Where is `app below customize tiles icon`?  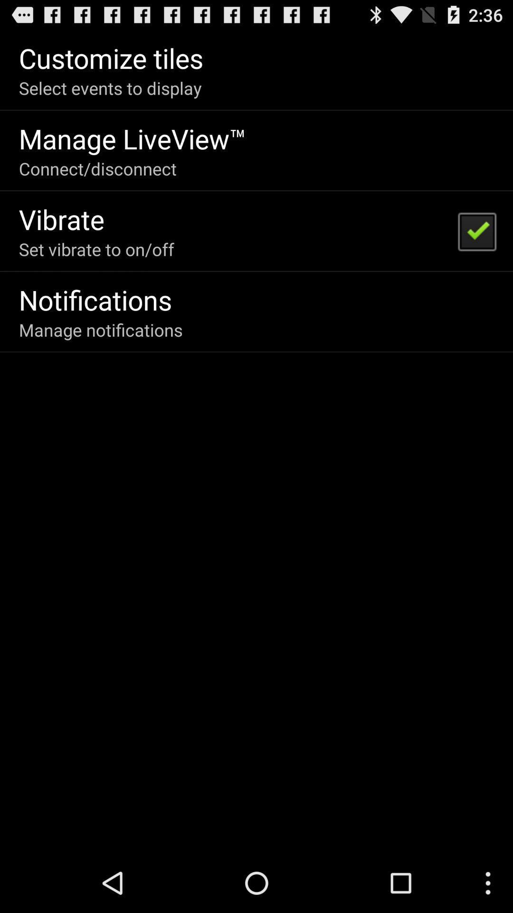 app below customize tiles icon is located at coordinates (110, 88).